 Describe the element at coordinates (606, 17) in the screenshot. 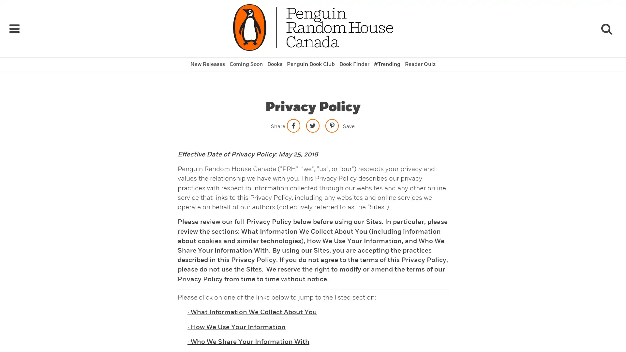

I see `Search` at that location.